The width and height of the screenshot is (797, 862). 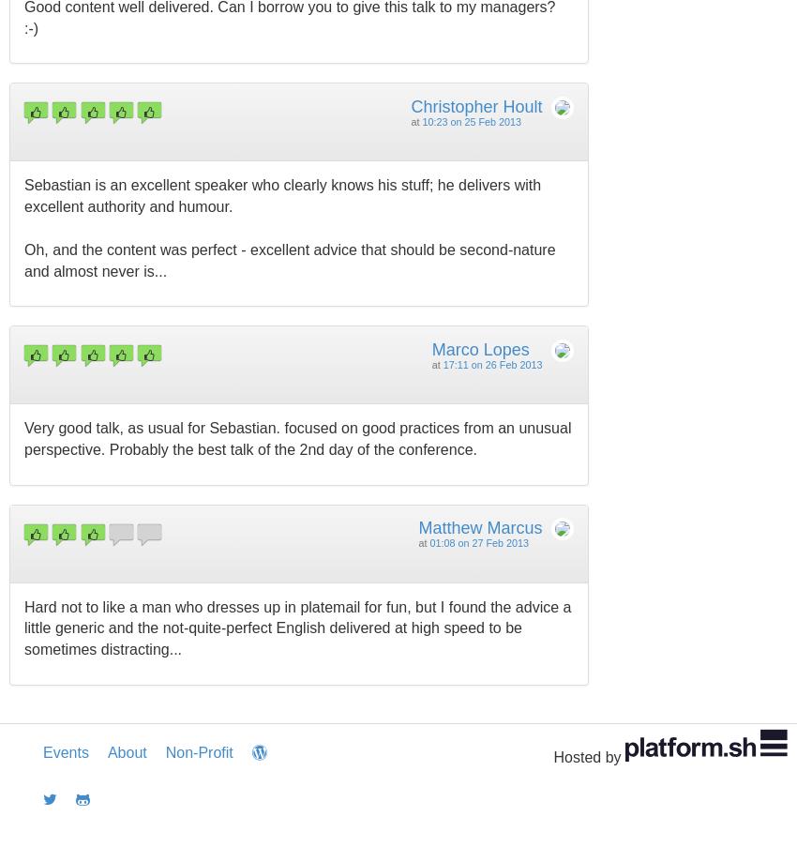 I want to click on '17:11 on 26 Feb 2013', so click(x=490, y=364).